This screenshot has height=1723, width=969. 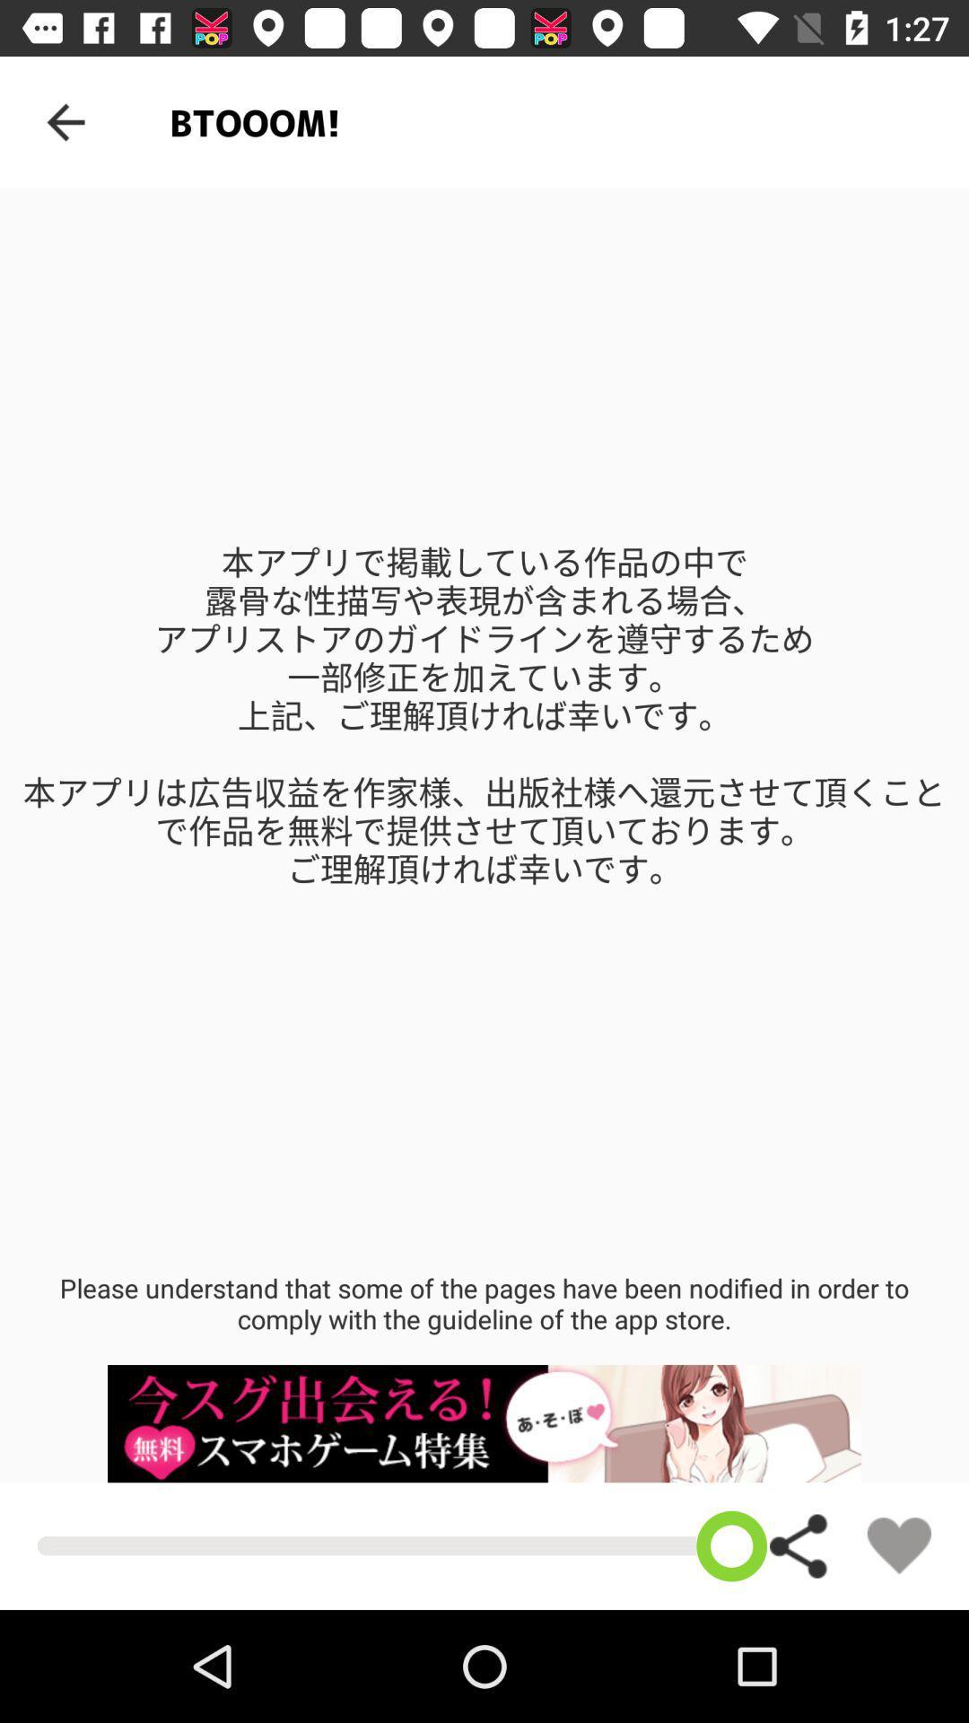 I want to click on share the article, so click(x=799, y=1545).